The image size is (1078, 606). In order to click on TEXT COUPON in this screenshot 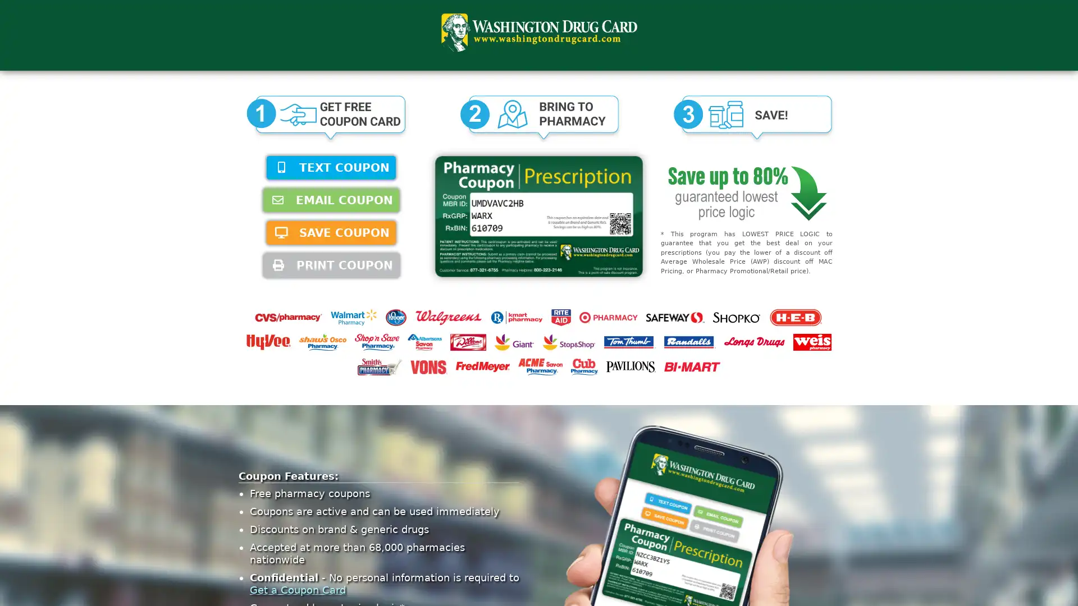, I will do `click(331, 168)`.